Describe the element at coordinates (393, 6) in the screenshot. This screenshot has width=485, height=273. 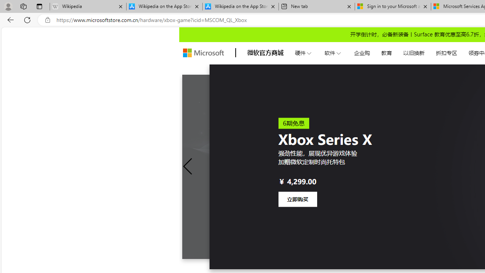
I see `'Sign in to your Microsoft account'` at that location.